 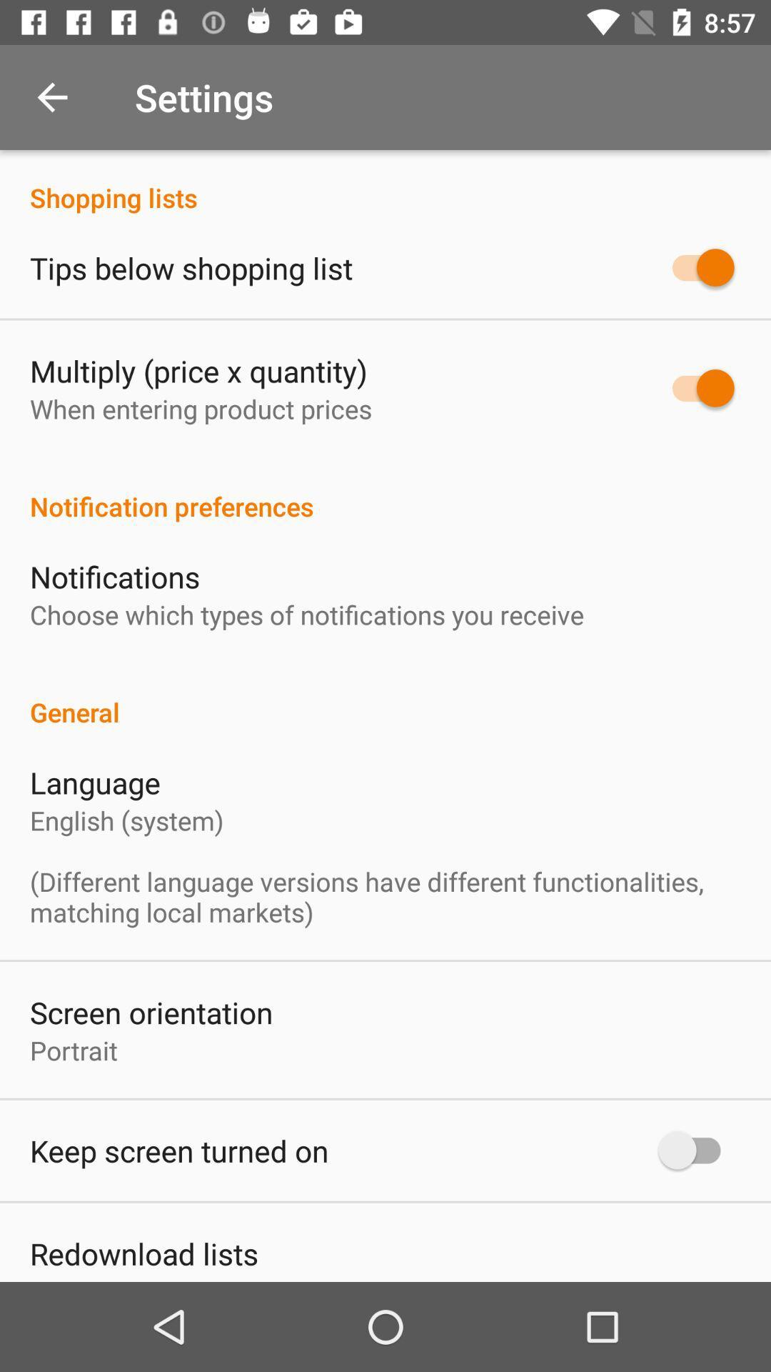 I want to click on the item above the when entering product icon, so click(x=198, y=370).